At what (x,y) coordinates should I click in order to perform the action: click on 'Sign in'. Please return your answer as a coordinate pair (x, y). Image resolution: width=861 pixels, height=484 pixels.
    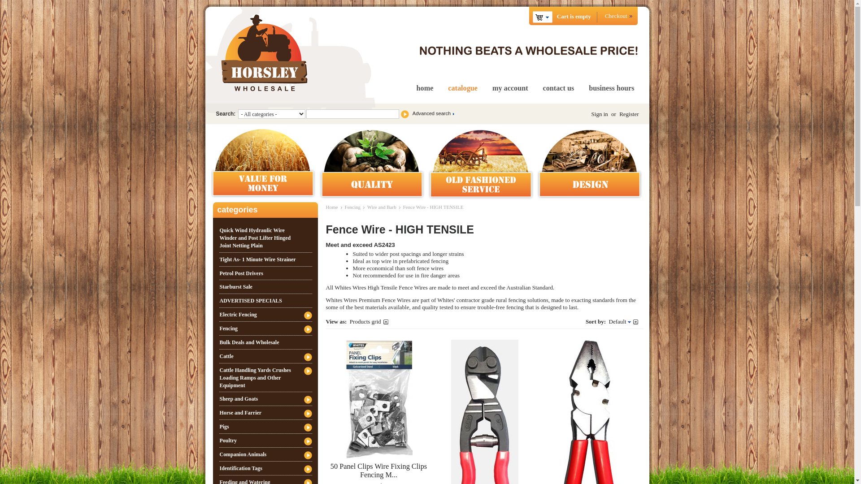
    Looking at the image, I should click on (600, 113).